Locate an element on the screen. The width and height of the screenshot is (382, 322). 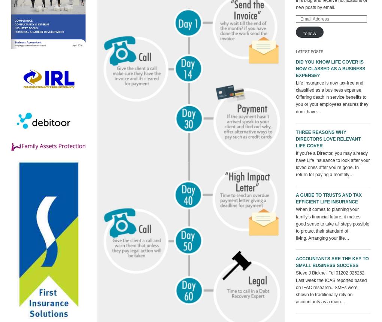
'Follow' is located at coordinates (309, 33).